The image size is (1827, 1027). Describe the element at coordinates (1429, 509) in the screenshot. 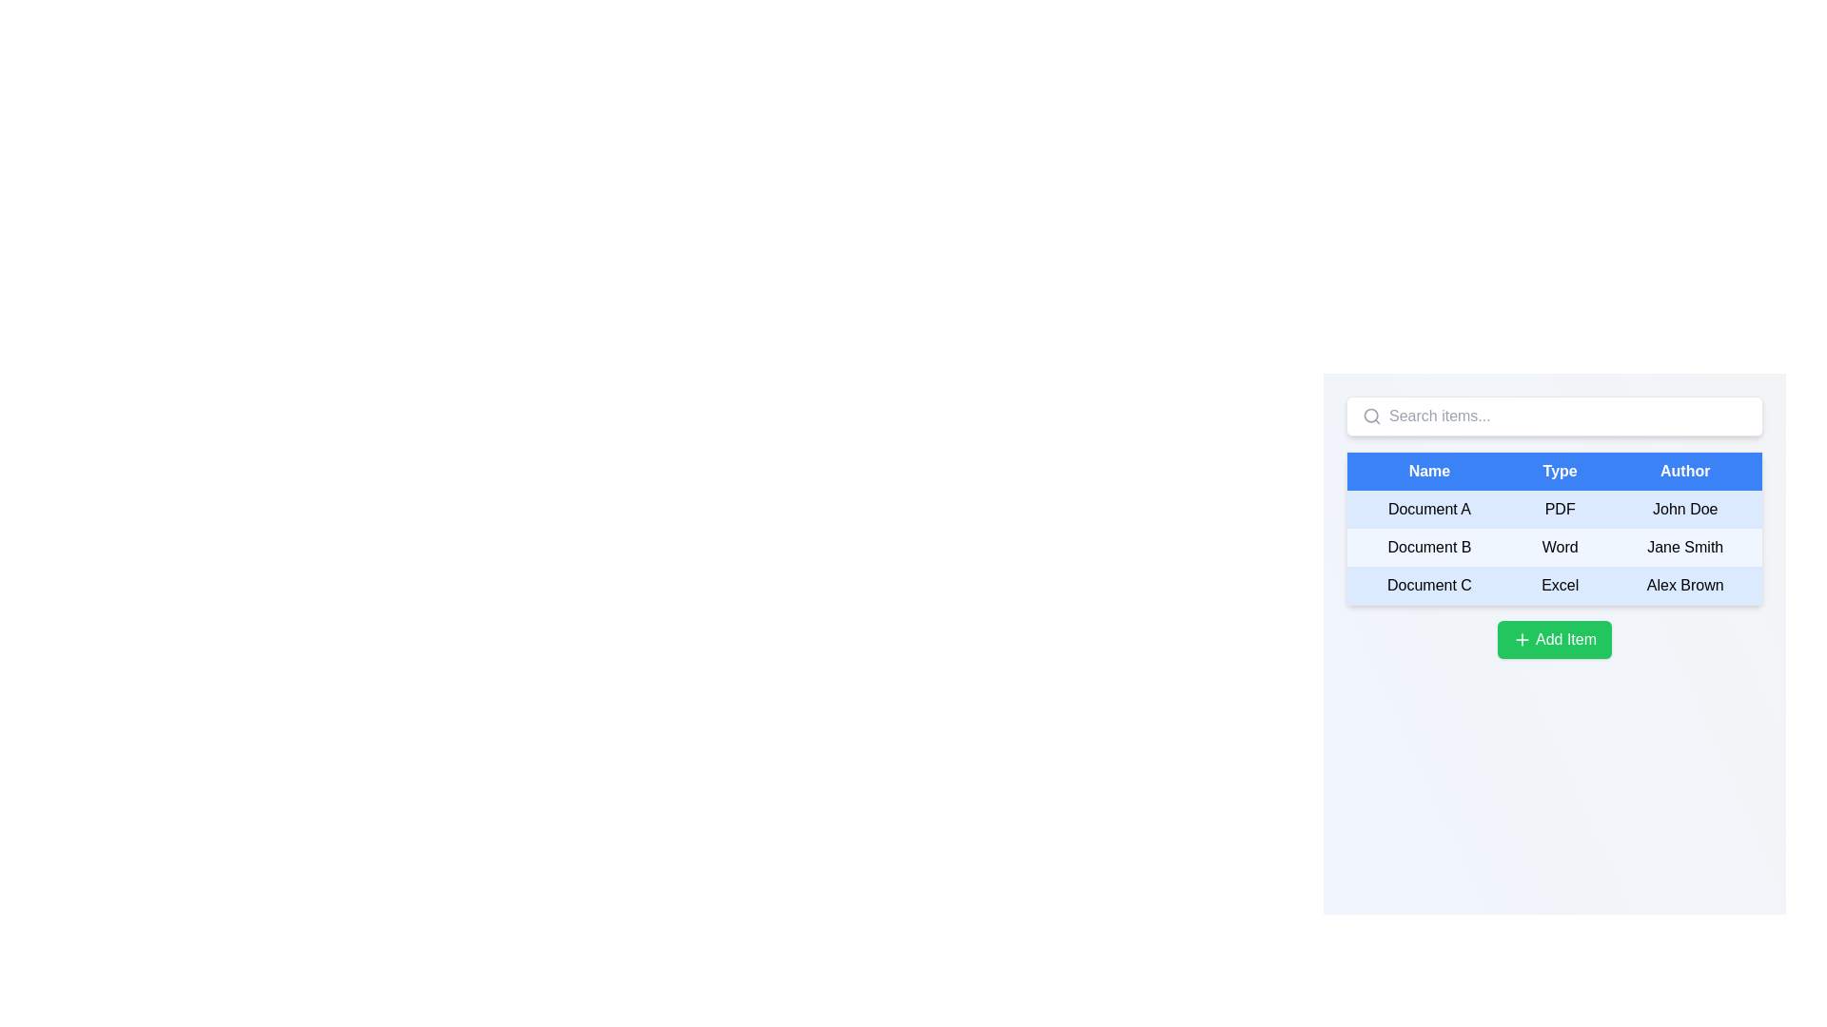

I see `the document name label displayed in the first row of the table under the 'Name' column, which is adjacent to 'PDF' and 'John Doe'` at that location.